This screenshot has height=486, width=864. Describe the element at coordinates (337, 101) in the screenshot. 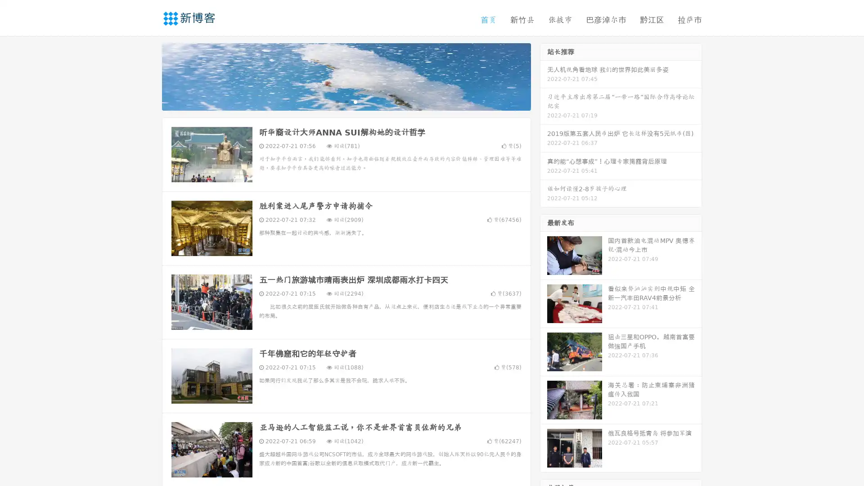

I see `Go to slide 1` at that location.